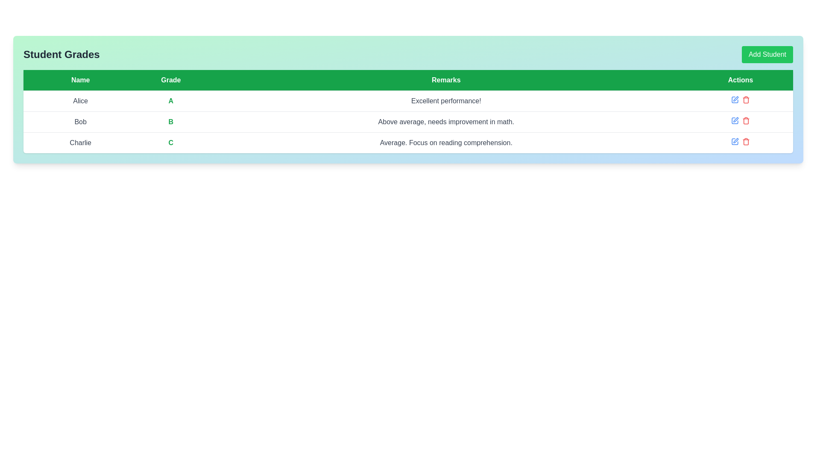 Image resolution: width=820 pixels, height=461 pixels. I want to click on the delete icon button in the last row of the 'Actions' column, so click(746, 141).